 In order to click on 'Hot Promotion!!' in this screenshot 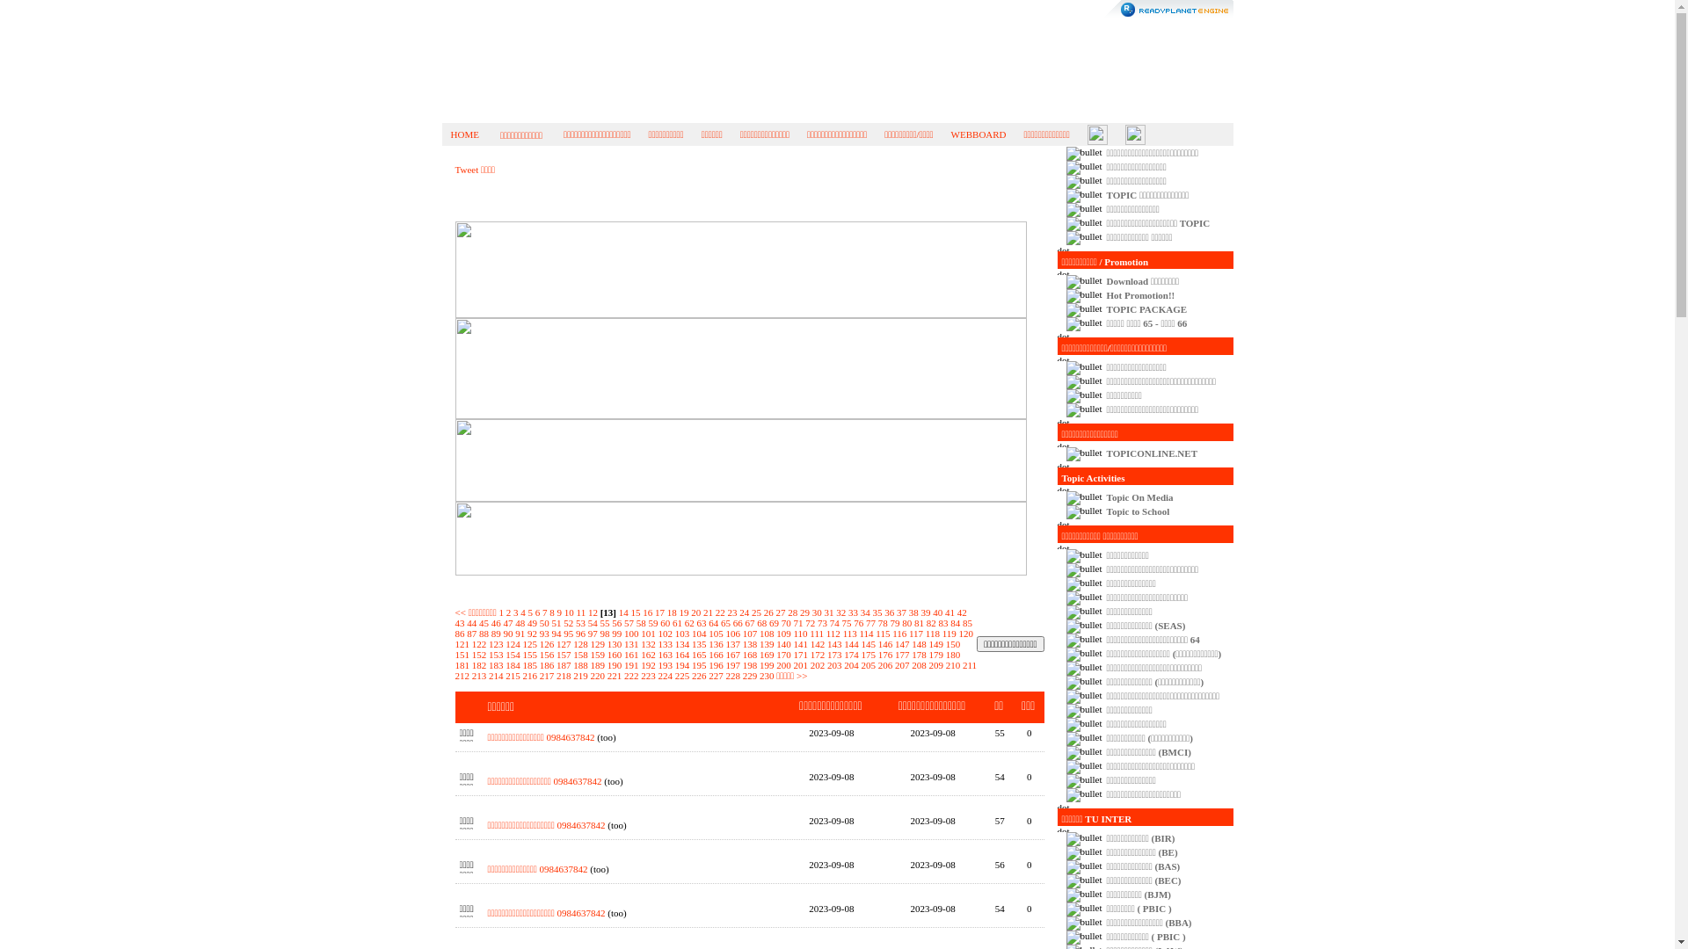, I will do `click(1140, 293)`.